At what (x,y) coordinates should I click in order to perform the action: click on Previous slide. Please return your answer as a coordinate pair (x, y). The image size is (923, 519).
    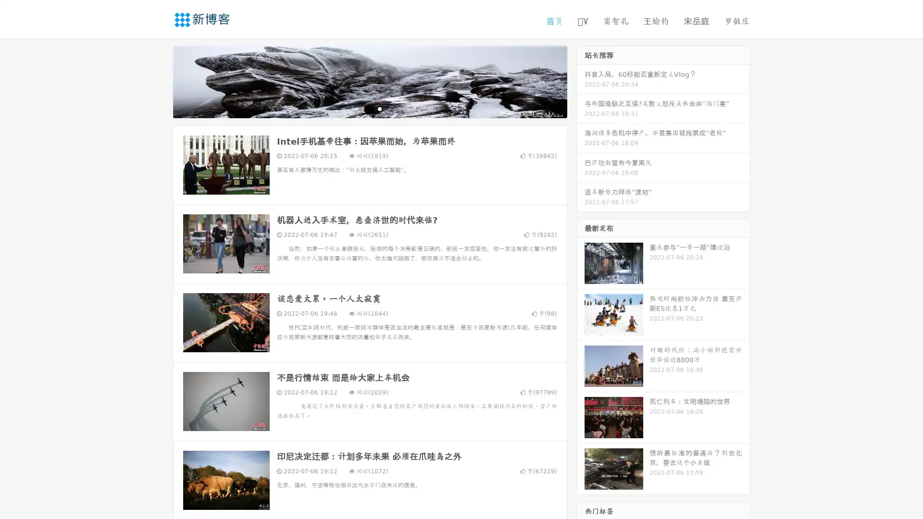
    Looking at the image, I should click on (159, 81).